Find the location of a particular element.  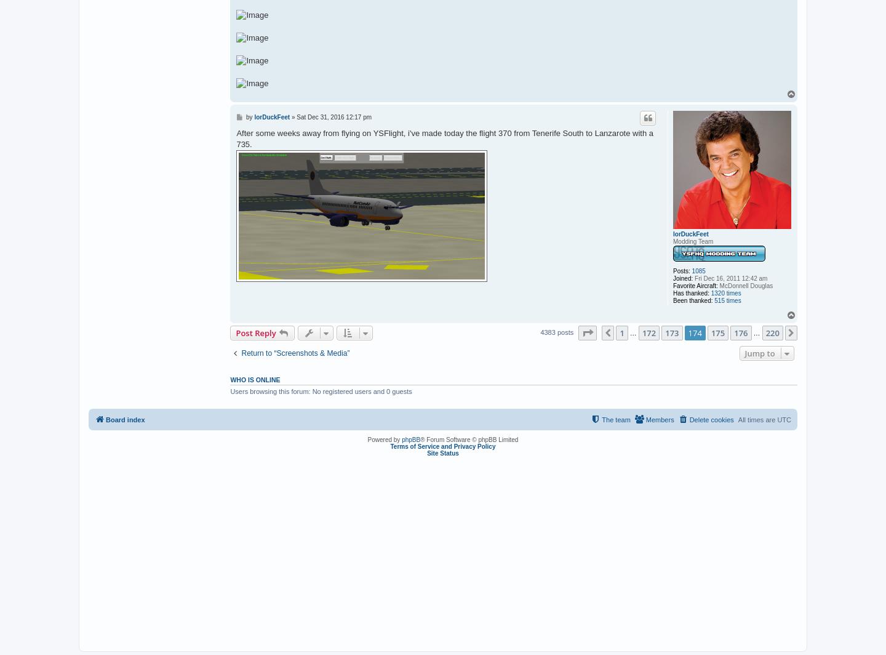

'All times are' is located at coordinates (757, 420).